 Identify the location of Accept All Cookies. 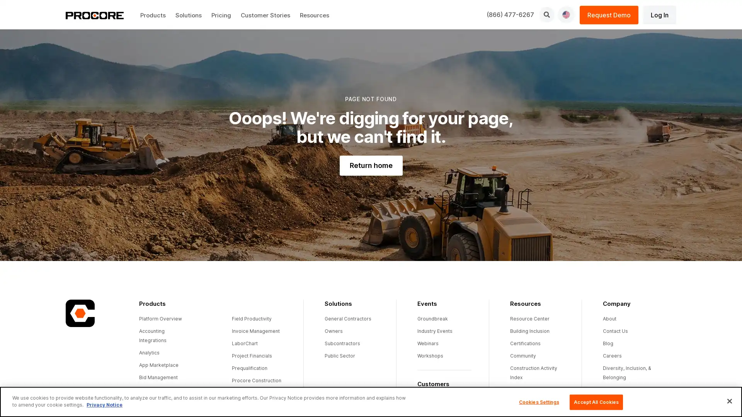
(596, 402).